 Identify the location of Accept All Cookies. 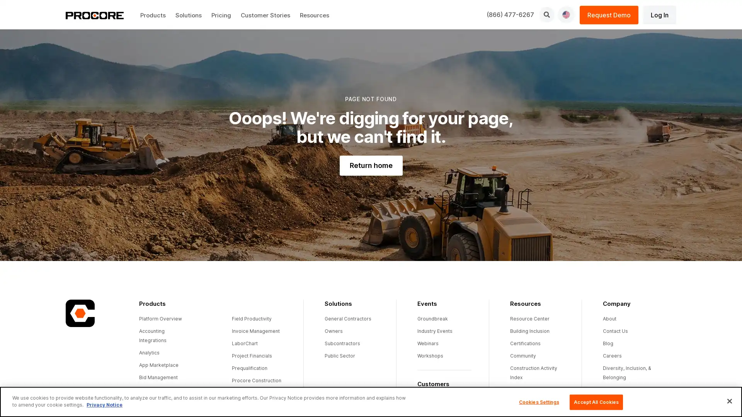
(596, 402).